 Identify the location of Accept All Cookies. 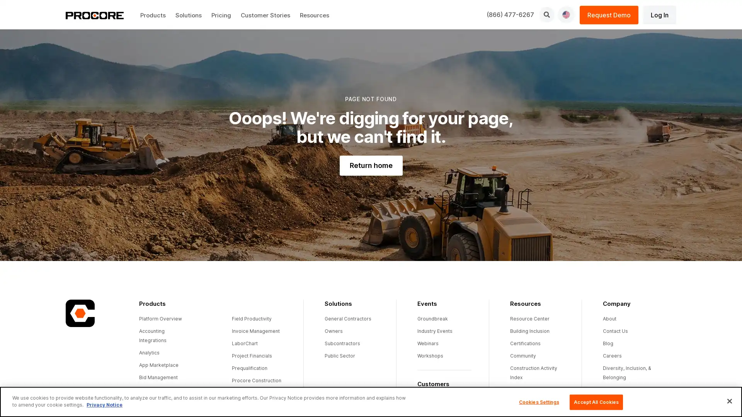
(596, 402).